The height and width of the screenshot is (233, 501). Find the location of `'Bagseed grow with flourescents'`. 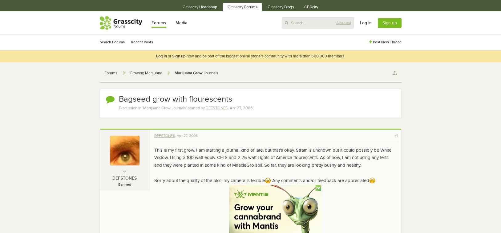

'Bagseed grow with flourescents' is located at coordinates (175, 99).